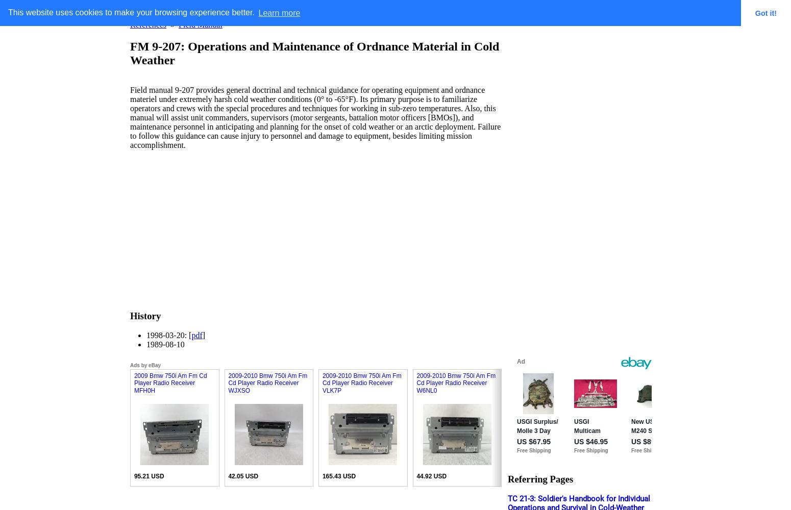  What do you see at coordinates (395, 10) in the screenshot?
I see `'CIE Hub'` at bounding box center [395, 10].